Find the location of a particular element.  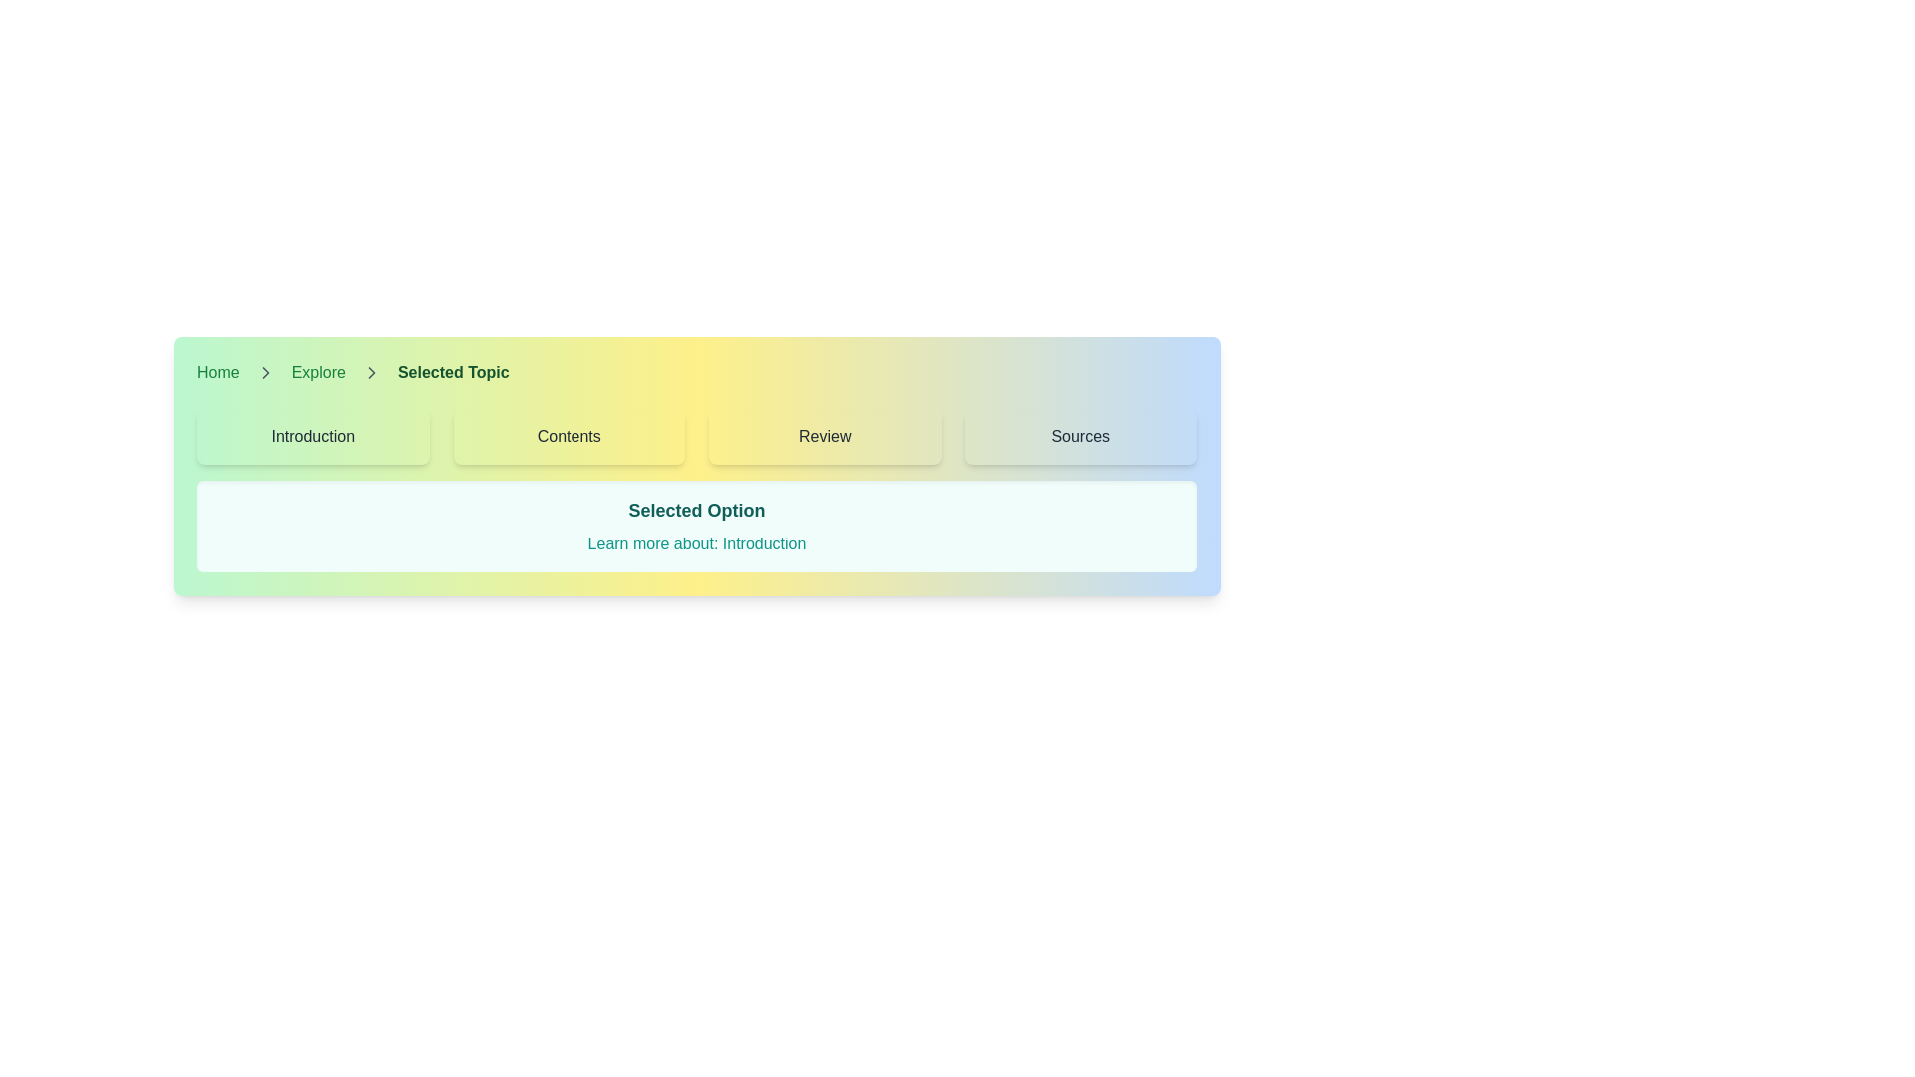

the Text label within the button located in the top-right segment of the interface, which serves as a clickable menu option is located at coordinates (1079, 436).